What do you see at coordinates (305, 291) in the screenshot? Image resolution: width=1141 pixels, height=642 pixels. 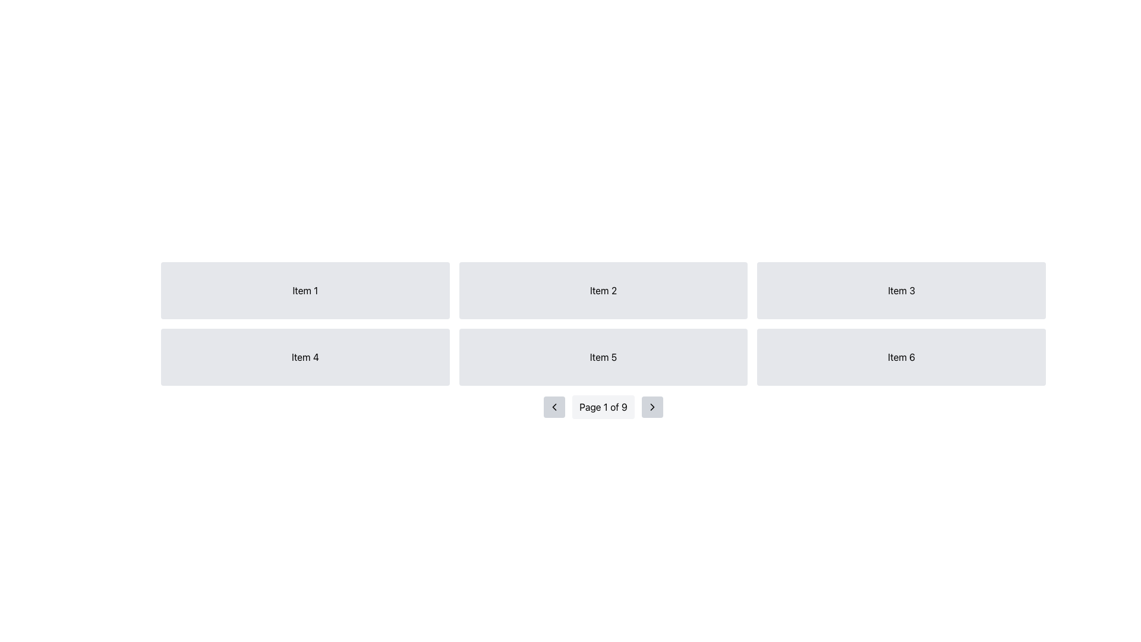 I see `the 'Item 1' tile, which is the first item in a grid layout of 2 rows and 3 columns, located in the top-left corner of the grid` at bounding box center [305, 291].